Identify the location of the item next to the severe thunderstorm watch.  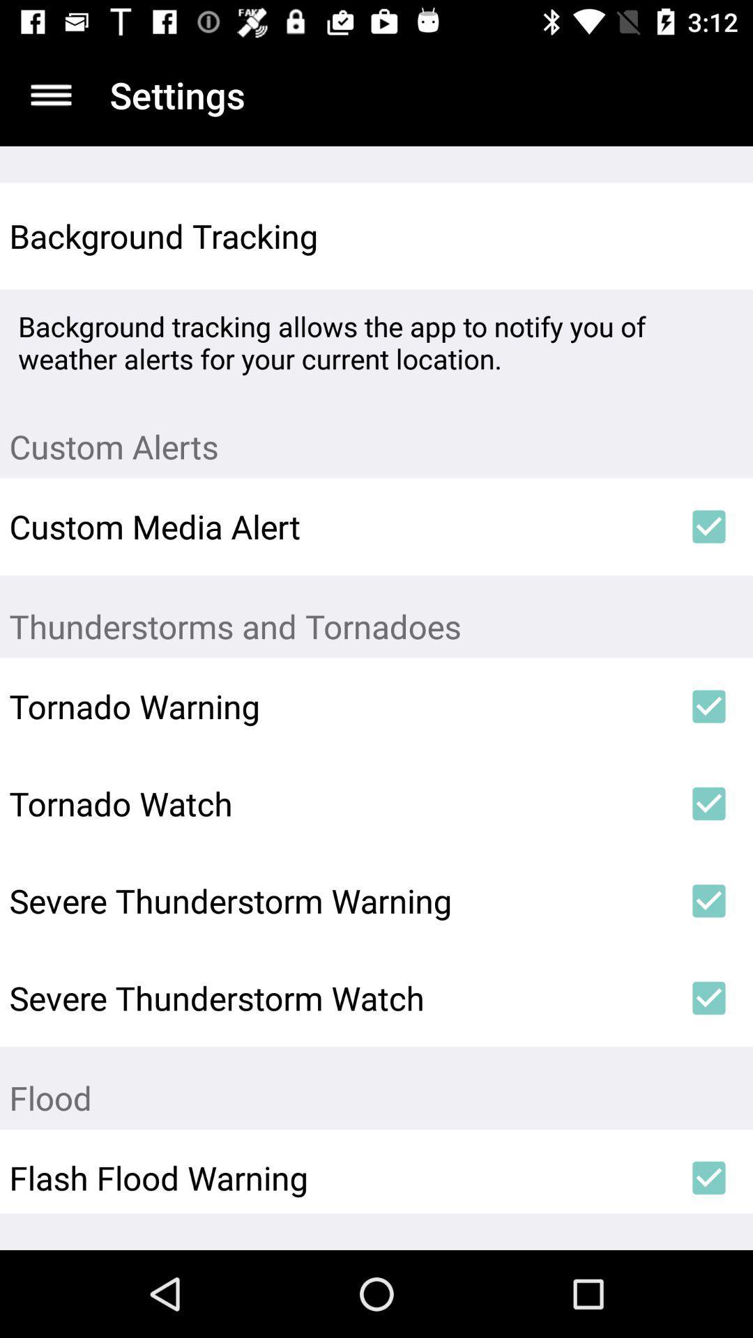
(709, 997).